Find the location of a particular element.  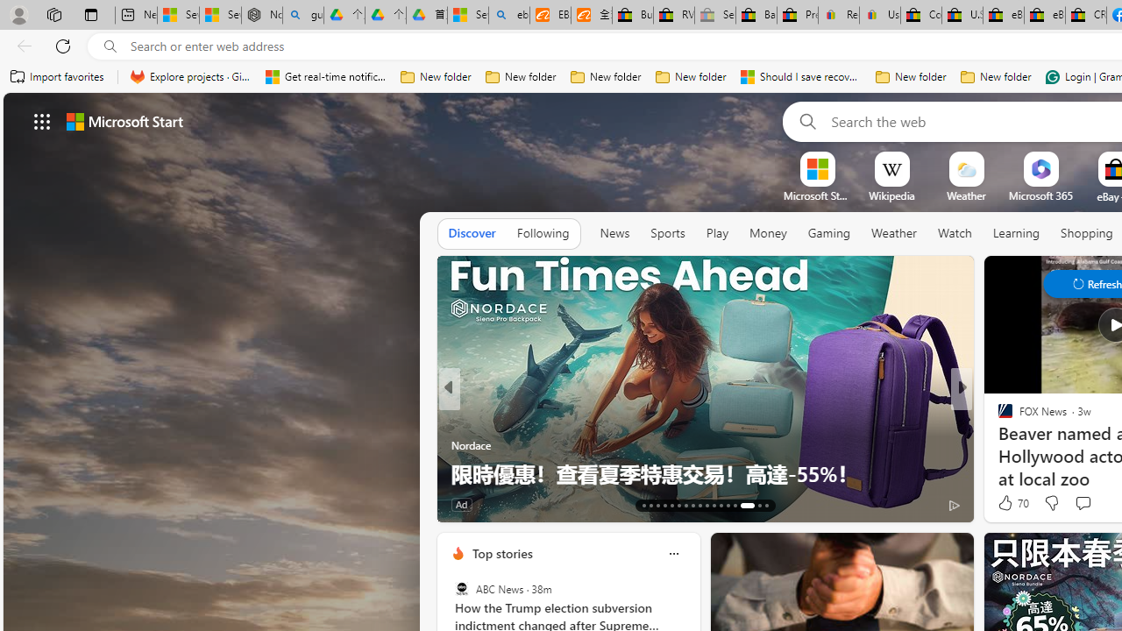

'AutomationID: tab-21' is located at coordinates (699, 506).